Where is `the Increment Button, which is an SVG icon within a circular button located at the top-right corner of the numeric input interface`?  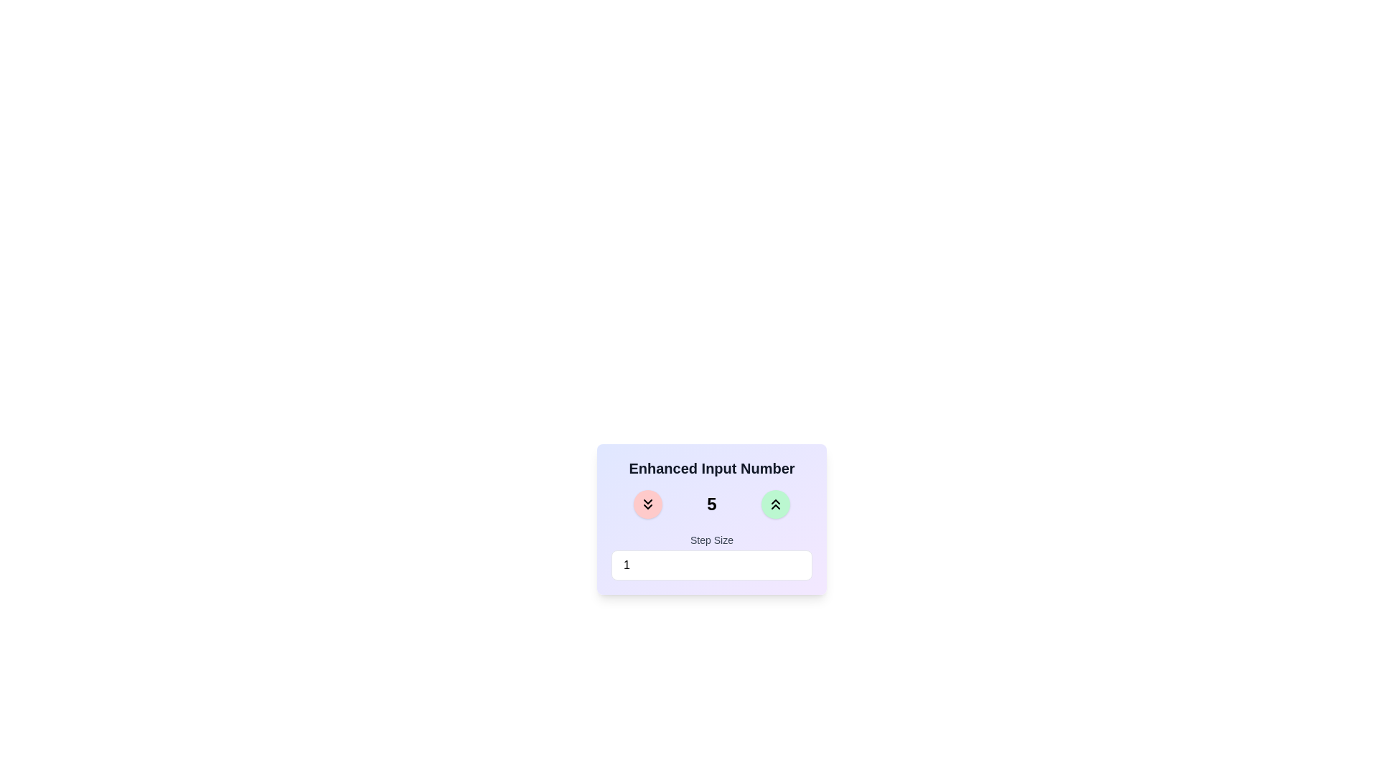 the Increment Button, which is an SVG icon within a circular button located at the top-right corner of the numeric input interface is located at coordinates (774, 503).